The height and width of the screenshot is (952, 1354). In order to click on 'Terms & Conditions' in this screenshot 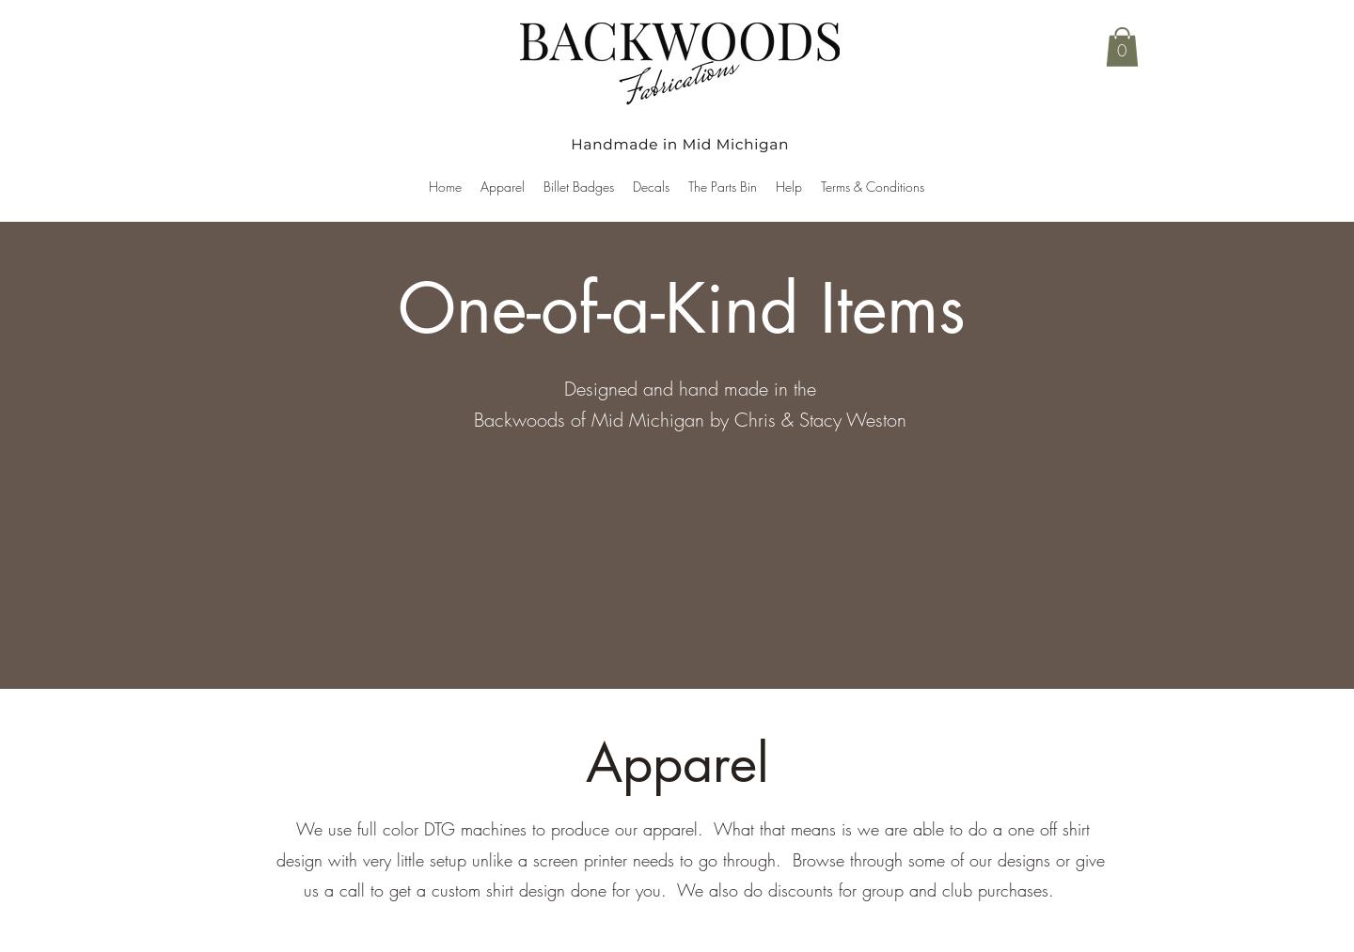, I will do `click(872, 186)`.